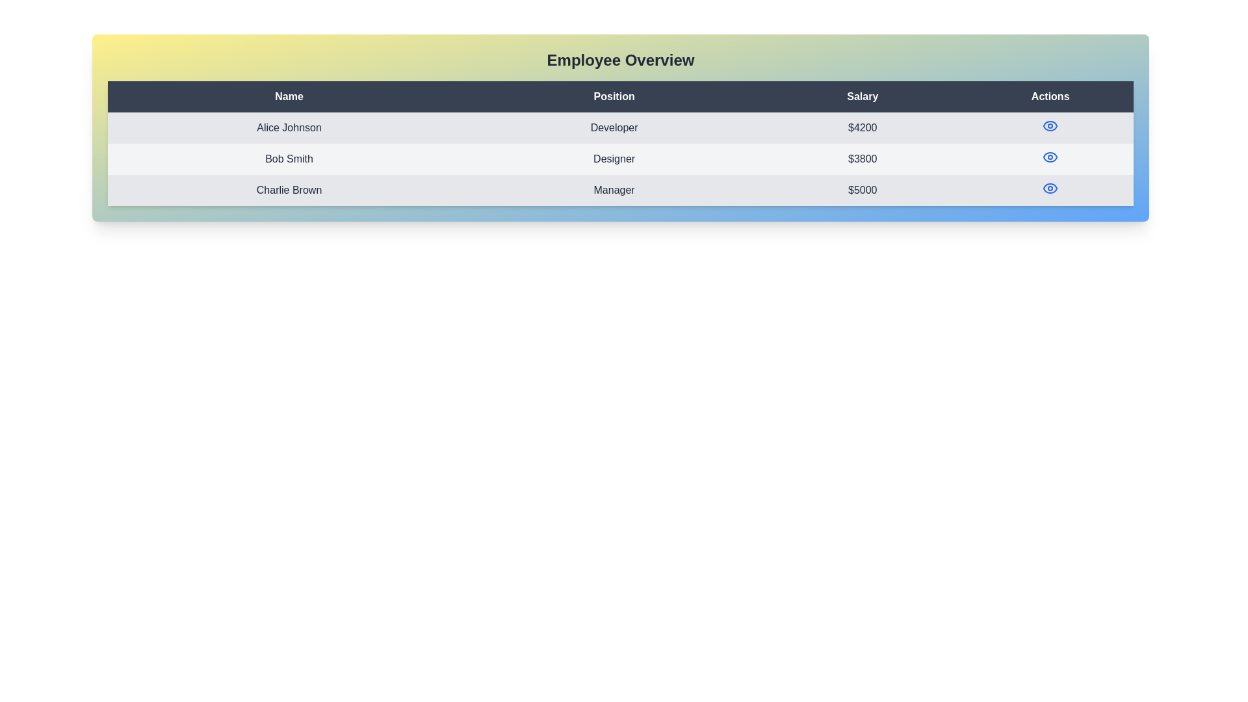  What do you see at coordinates (620, 159) in the screenshot?
I see `the second row of the Employee Overview table containing 'Bob Smith', 'Designer', and '$3800'` at bounding box center [620, 159].